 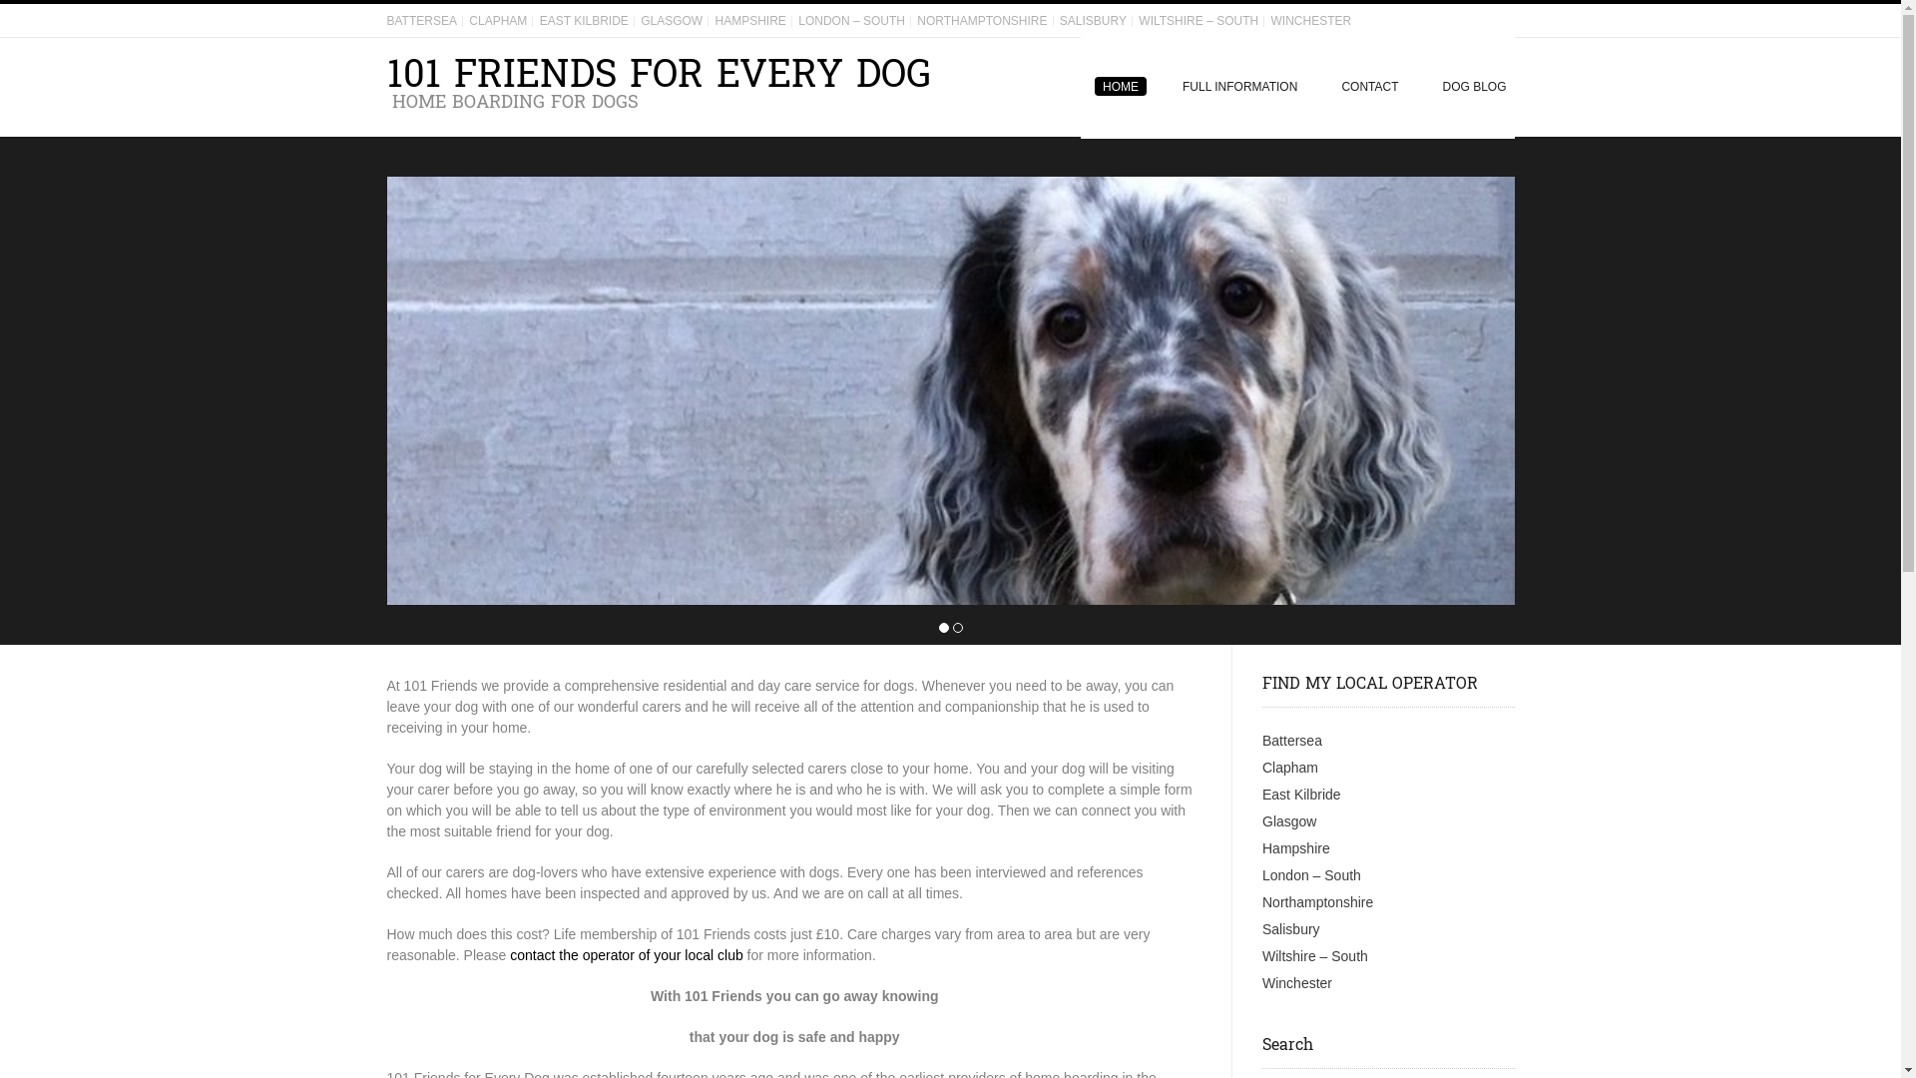 I want to click on 'BATTERSEA', so click(x=420, y=20).